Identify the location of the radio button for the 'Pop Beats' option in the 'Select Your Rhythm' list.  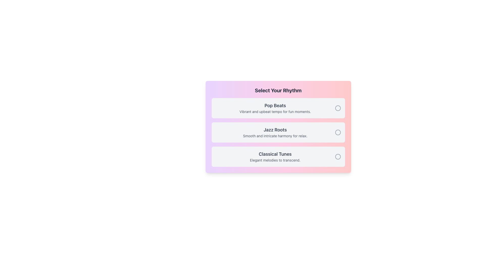
(338, 108).